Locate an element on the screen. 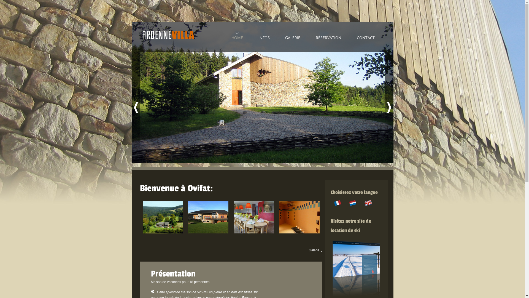  'Galerie' is located at coordinates (315, 250).